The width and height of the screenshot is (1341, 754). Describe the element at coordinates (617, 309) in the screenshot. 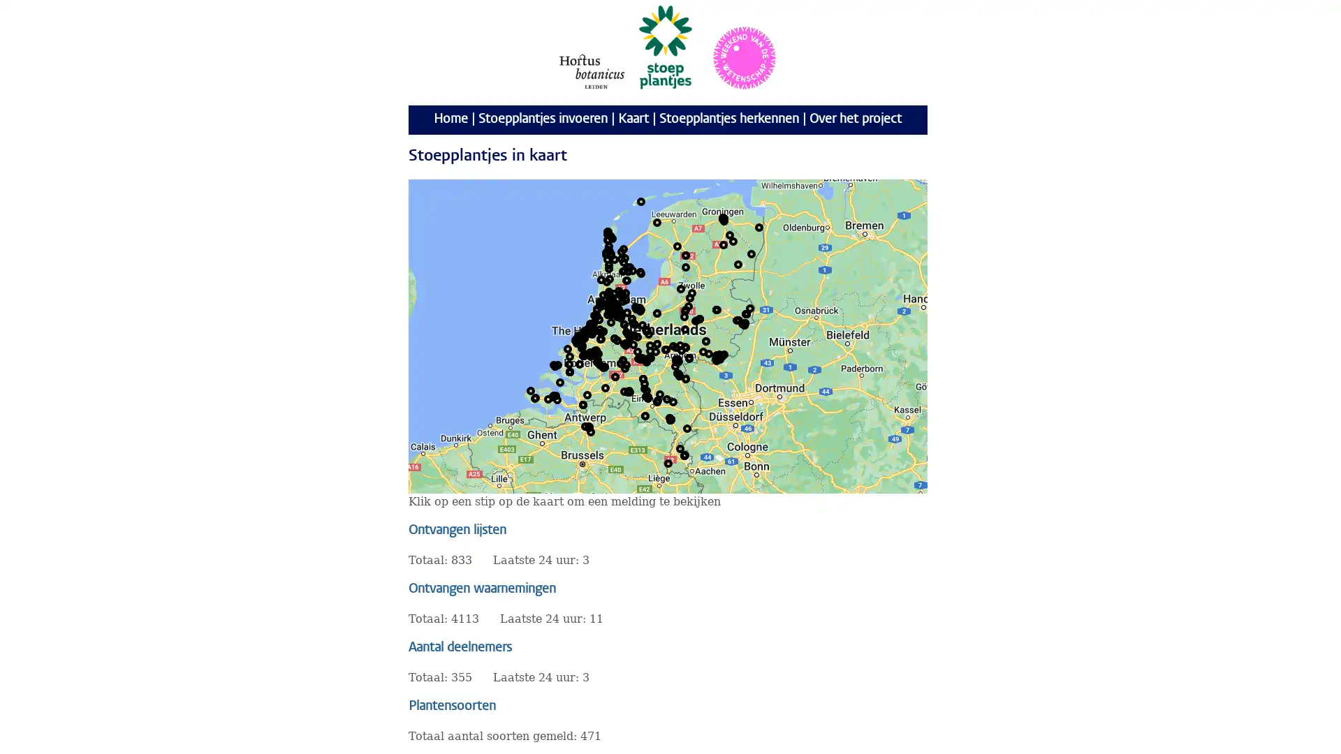

I see `Telling van Merel Kuperus op 17 oktober 2021` at that location.